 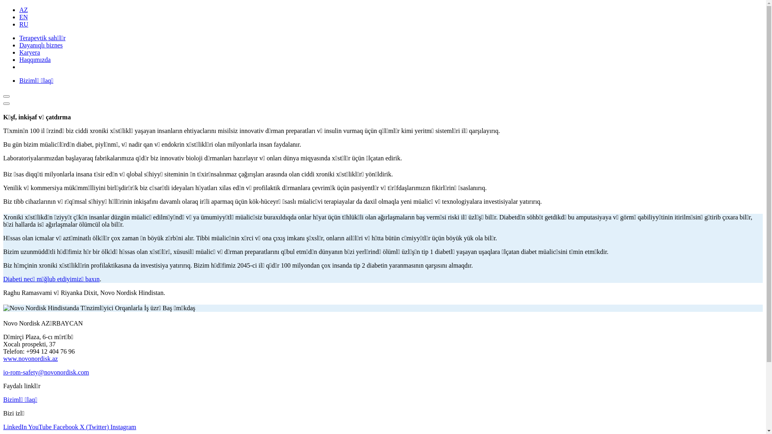 I want to click on 'Karyera', so click(x=29, y=52).